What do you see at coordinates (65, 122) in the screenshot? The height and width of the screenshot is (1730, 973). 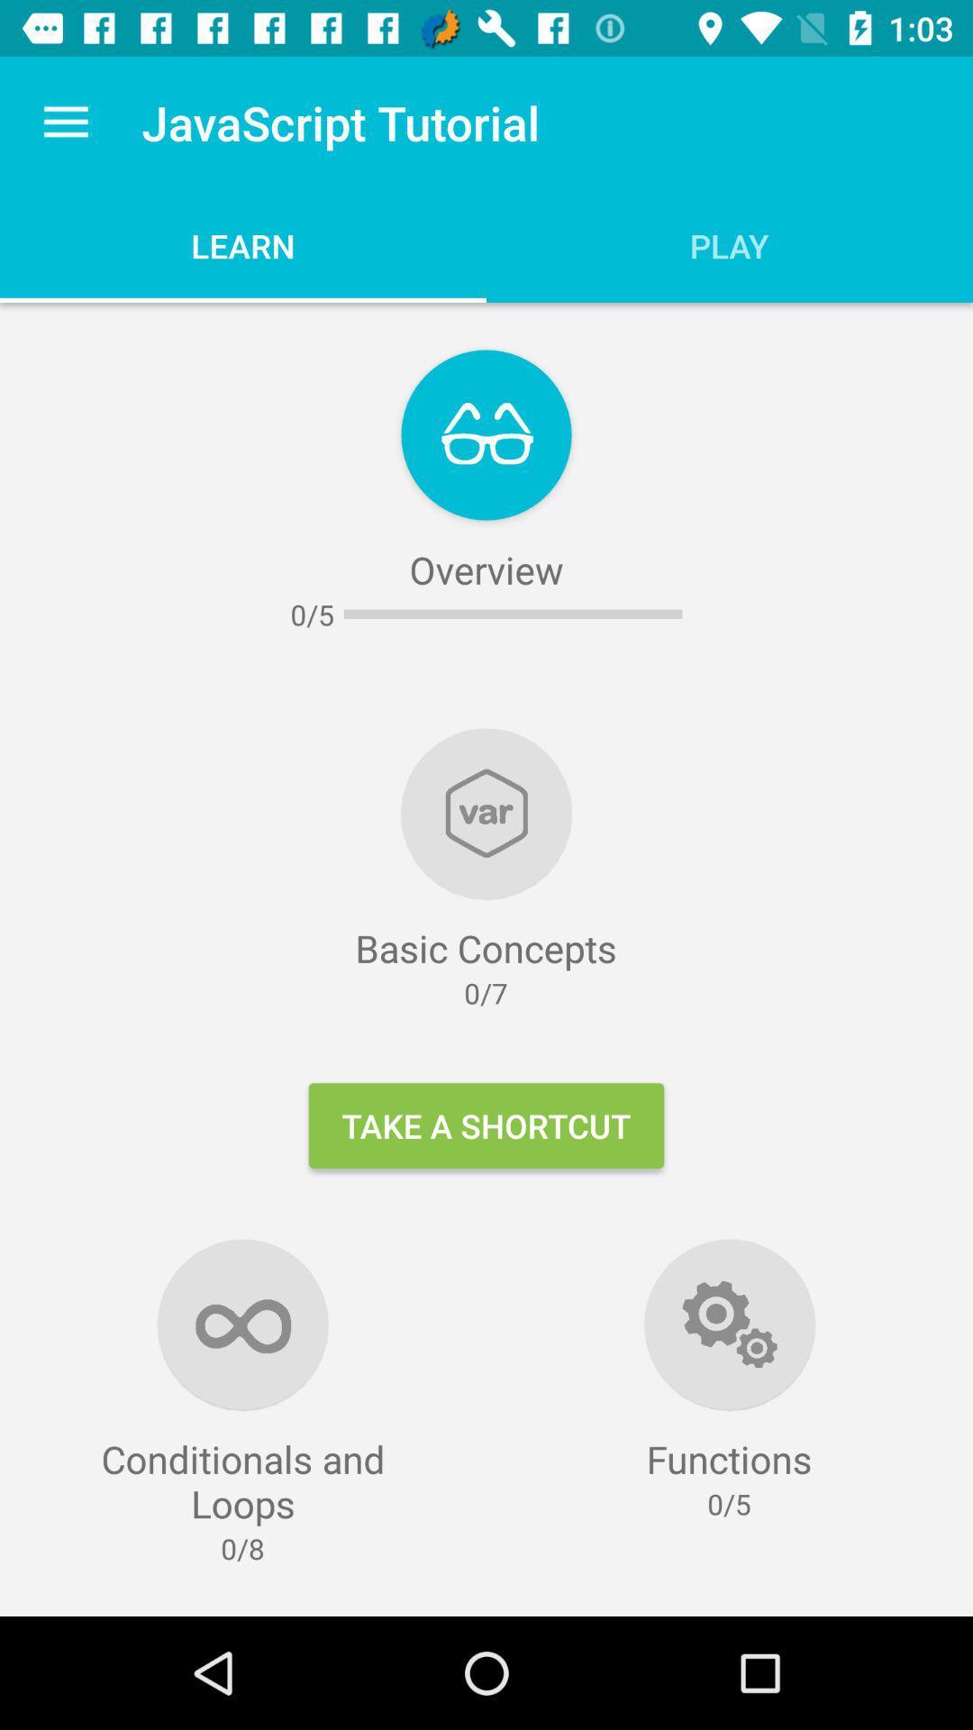 I see `item to the left of javascript tutorial item` at bounding box center [65, 122].